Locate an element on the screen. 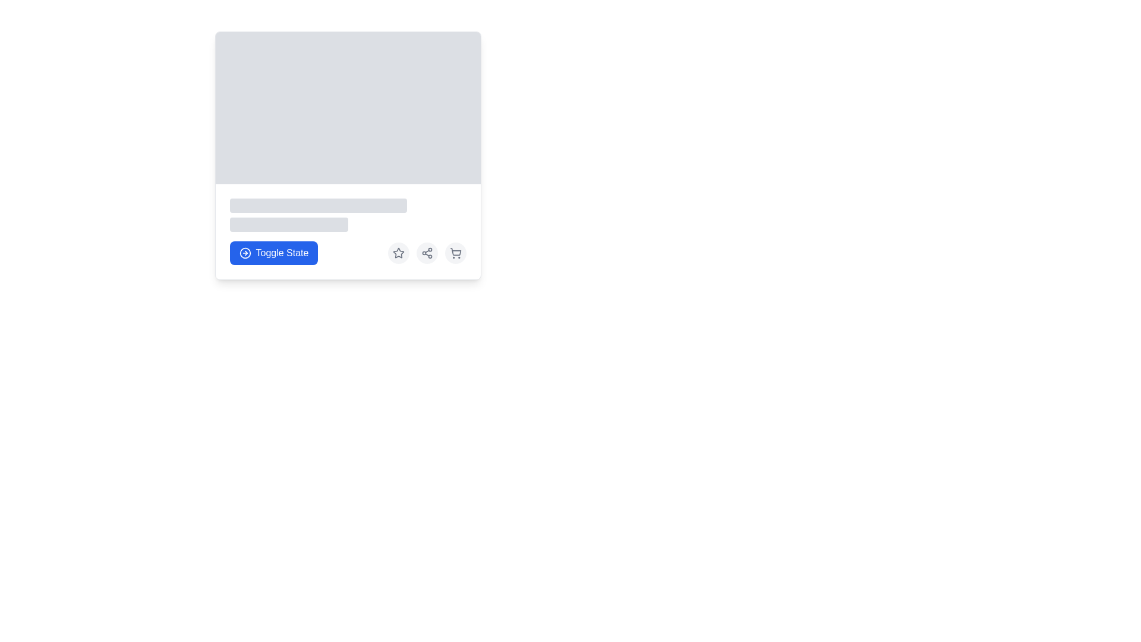 This screenshot has width=1141, height=642. the Placeholder or loading indicator, which consists of two vertically aligned rectangular bars with rounded edges, centrally located above the 'Toggle State' button is located at coordinates (347, 215).